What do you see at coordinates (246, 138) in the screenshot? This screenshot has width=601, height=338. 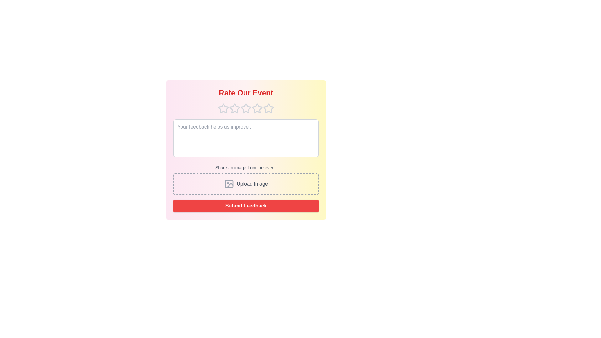 I see `the text area and type the feedback` at bounding box center [246, 138].